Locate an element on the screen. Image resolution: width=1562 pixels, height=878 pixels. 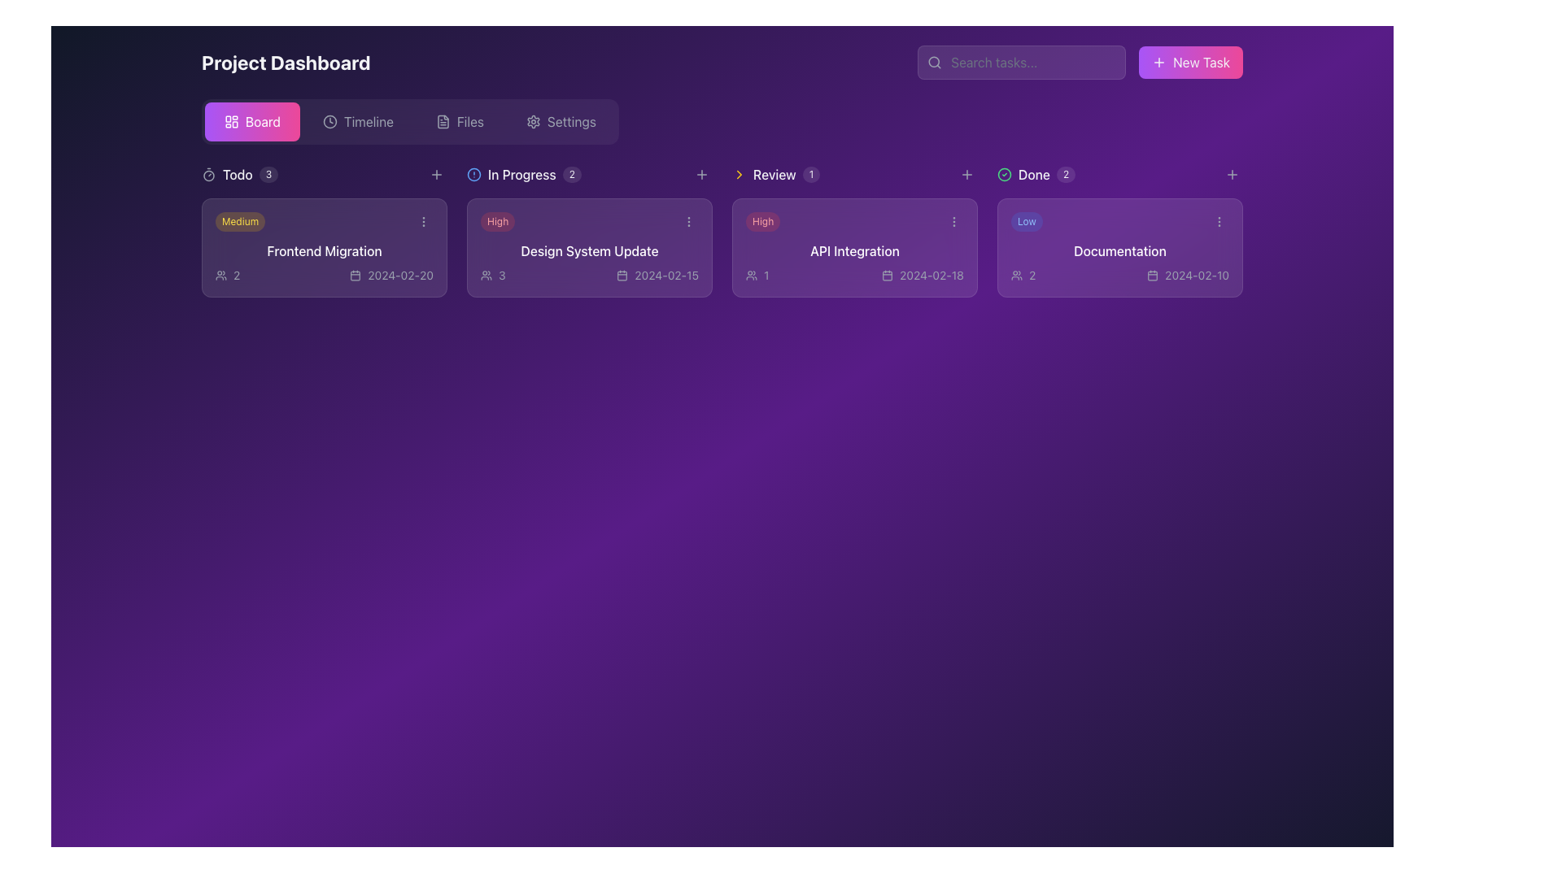
the 'Design System Update' task card in the 'In Progress' column for inline editing is located at coordinates (588, 247).